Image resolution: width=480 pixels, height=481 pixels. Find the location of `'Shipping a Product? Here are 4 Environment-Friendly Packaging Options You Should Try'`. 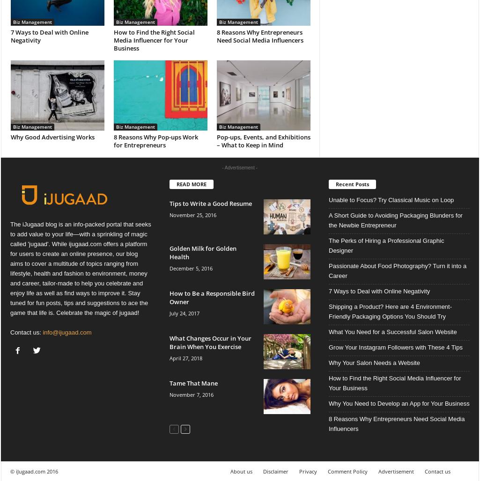

'Shipping a Product? Here are 4 Environment-Friendly Packaging Options You Should Try' is located at coordinates (390, 311).